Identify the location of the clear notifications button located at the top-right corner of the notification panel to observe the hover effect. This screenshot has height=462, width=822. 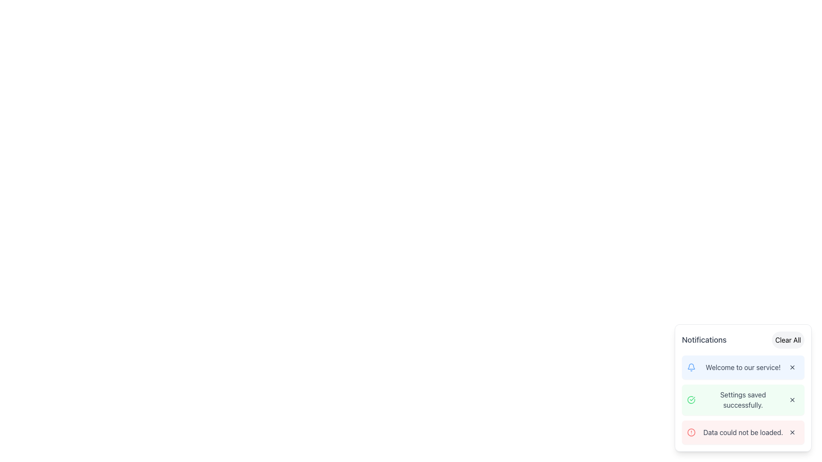
(788, 339).